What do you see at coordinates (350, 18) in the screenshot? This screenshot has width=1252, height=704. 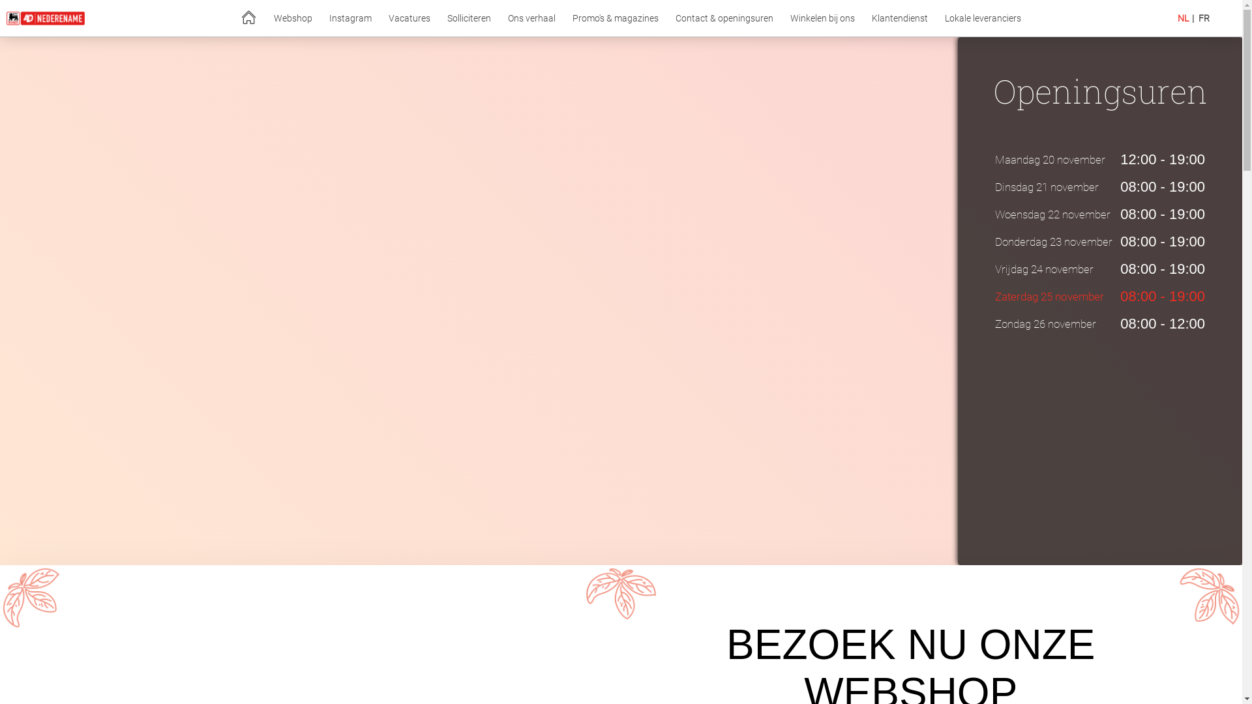 I see `'Instagram'` at bounding box center [350, 18].